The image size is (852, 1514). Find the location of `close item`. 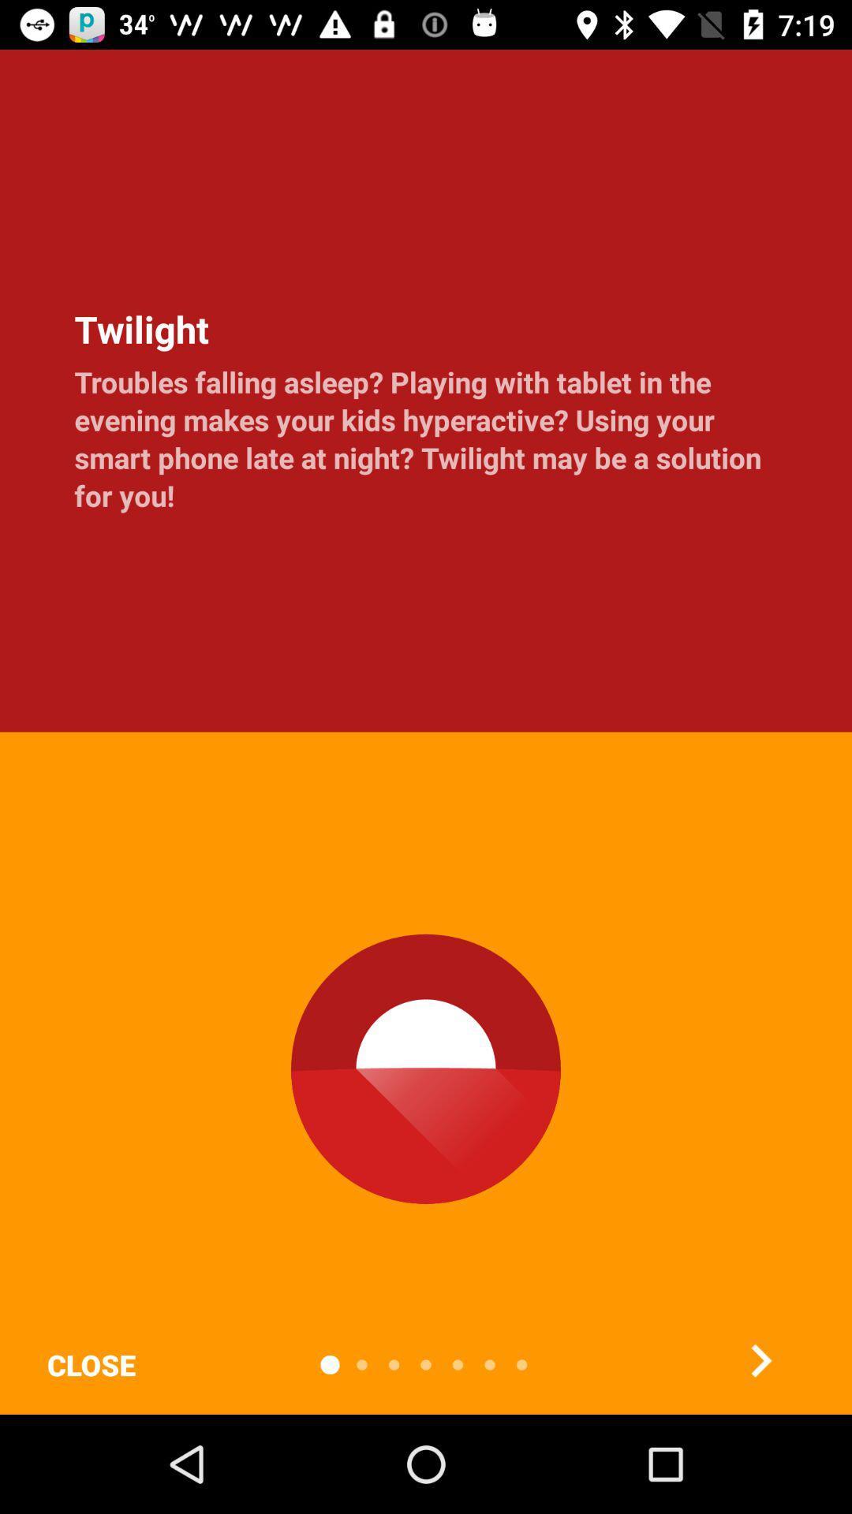

close item is located at coordinates (91, 1364).